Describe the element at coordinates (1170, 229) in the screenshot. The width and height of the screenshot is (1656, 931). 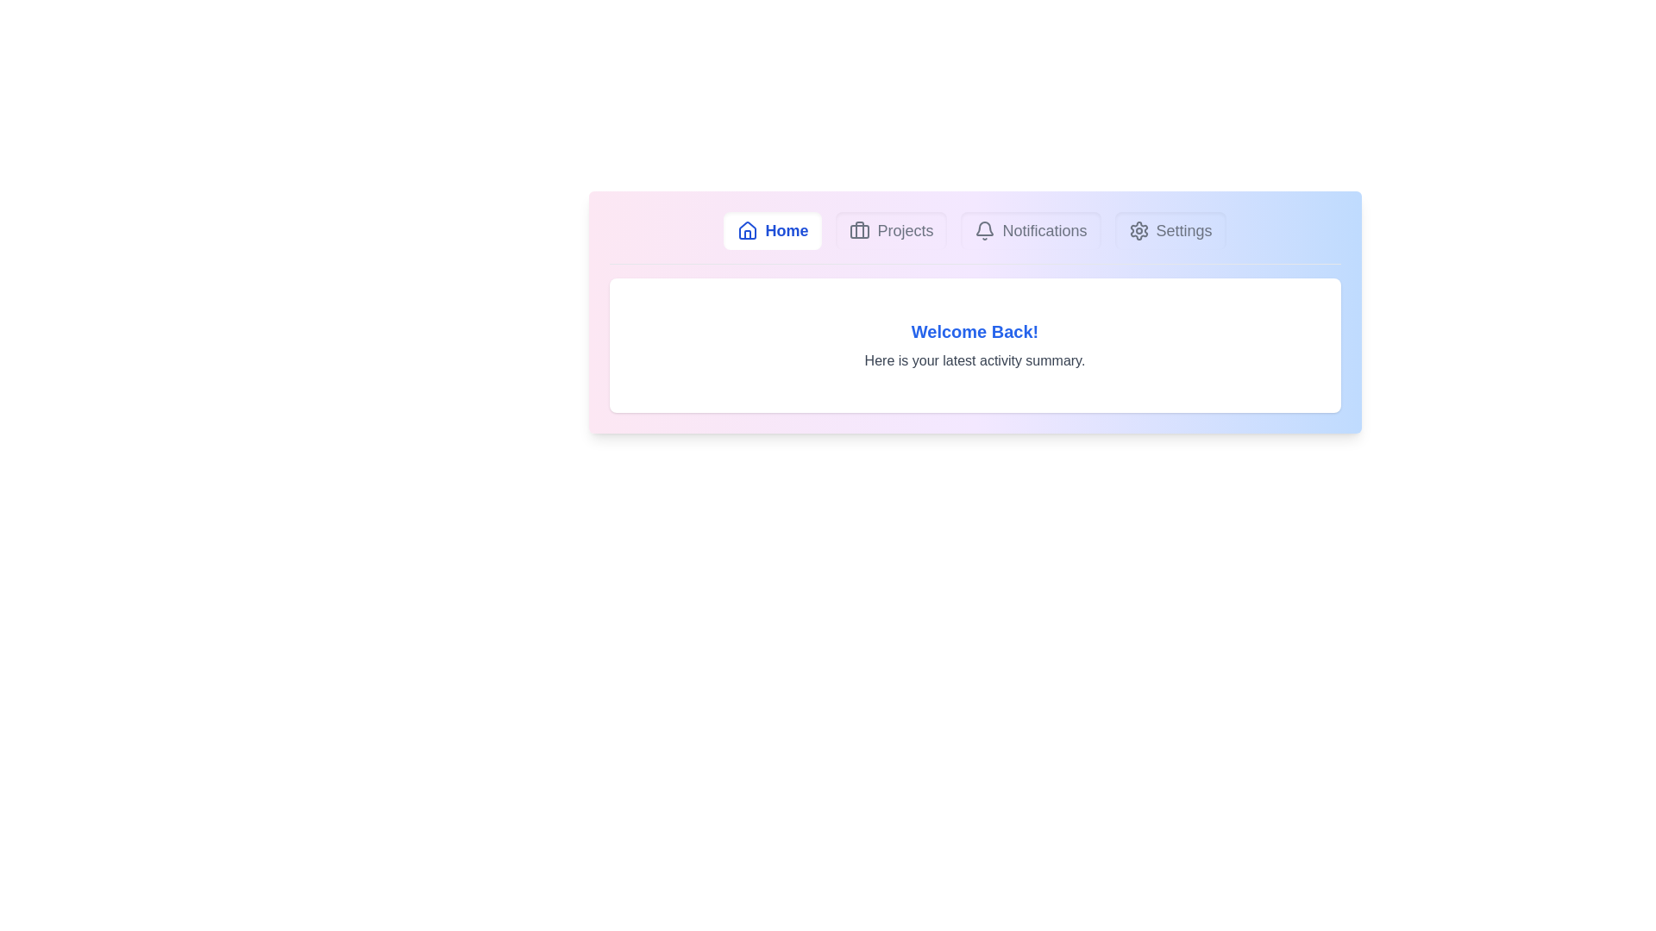
I see `the Settings tab to switch to its content` at that location.